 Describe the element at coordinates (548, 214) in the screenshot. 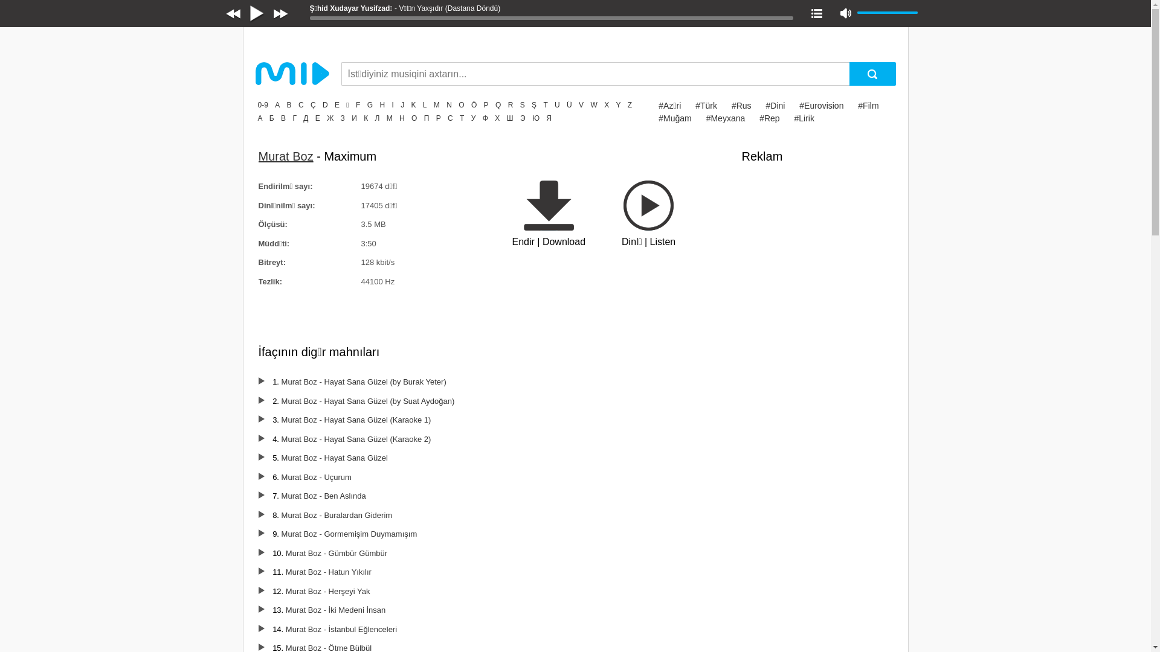

I see `'Endir | Download'` at that location.